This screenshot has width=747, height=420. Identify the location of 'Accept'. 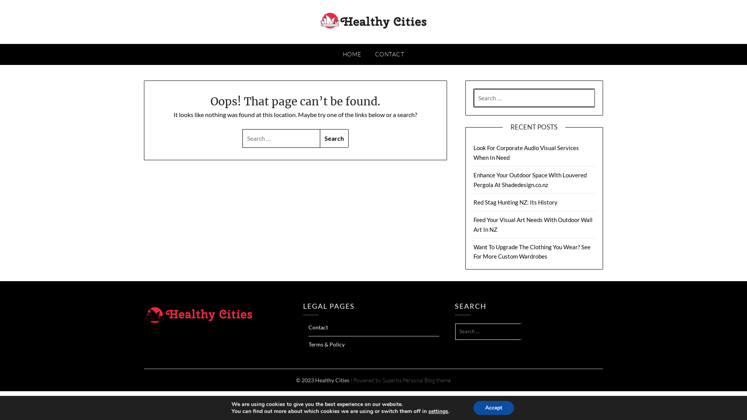
(493, 408).